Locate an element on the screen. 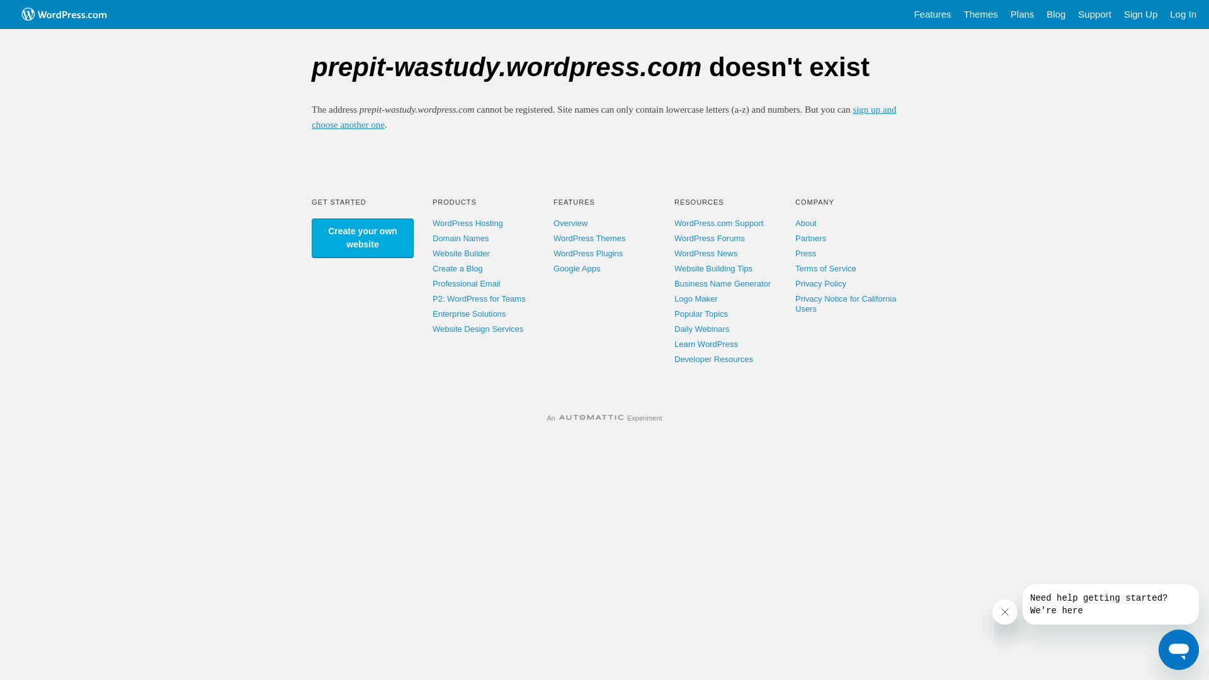 Image resolution: width=1209 pixels, height=680 pixels. 'WordPress Themes' is located at coordinates (553, 238).